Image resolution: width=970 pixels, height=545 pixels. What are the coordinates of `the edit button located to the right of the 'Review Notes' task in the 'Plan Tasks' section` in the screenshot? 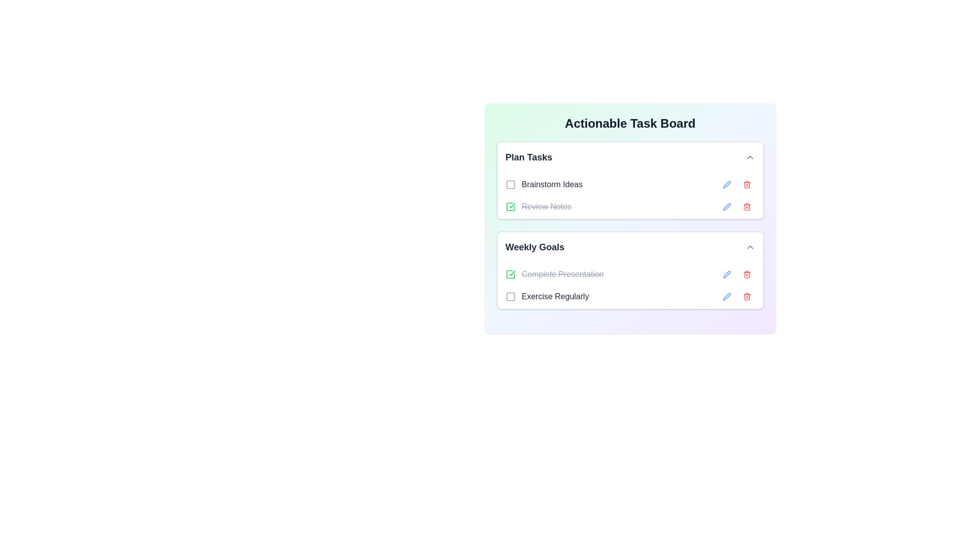 It's located at (726, 206).